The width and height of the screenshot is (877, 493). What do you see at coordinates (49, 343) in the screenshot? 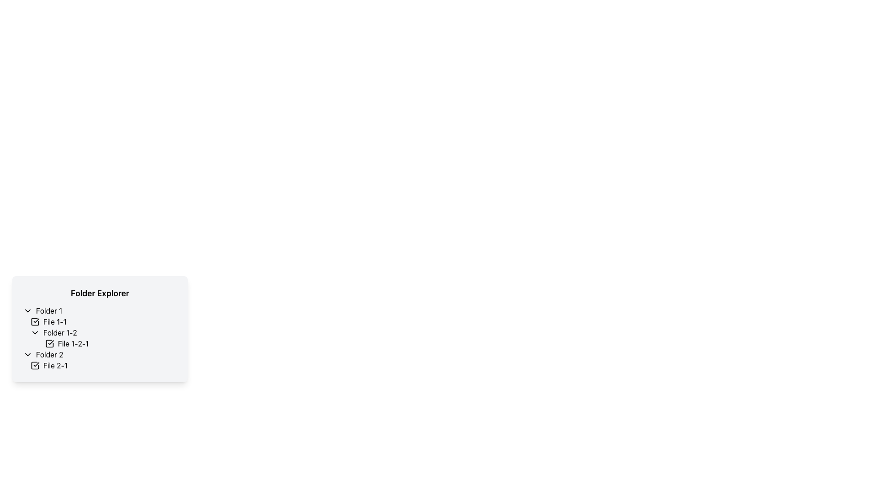
I see `the checkbox icon next to the list item 'File 1-2-1' under 'Folder 1-2' in the Folder Explorer` at bounding box center [49, 343].